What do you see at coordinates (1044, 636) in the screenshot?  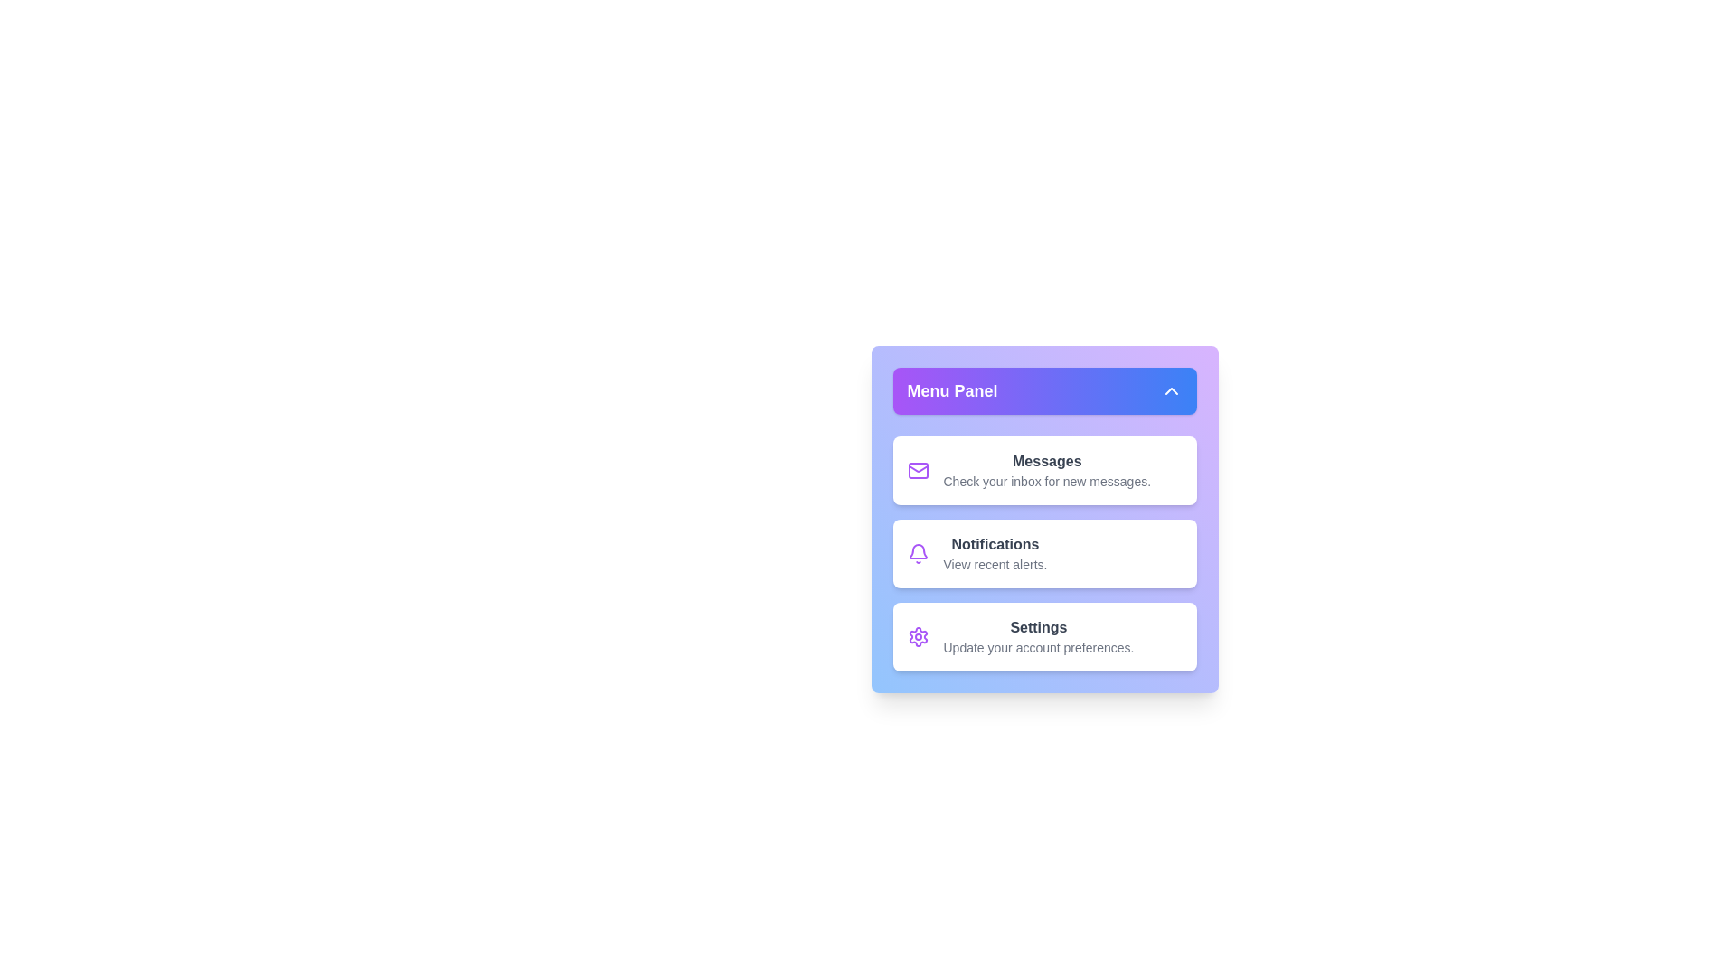 I see `the menu item labeled 'Settings' to highlight it` at bounding box center [1044, 636].